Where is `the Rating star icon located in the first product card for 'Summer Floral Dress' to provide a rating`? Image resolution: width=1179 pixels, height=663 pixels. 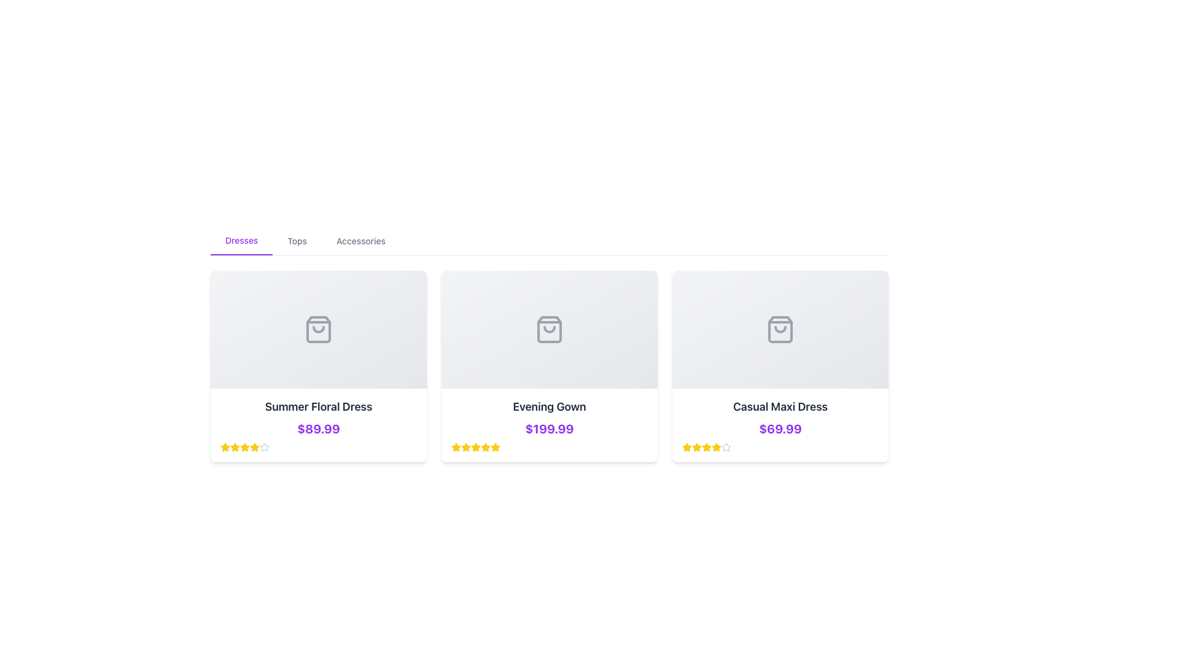
the Rating star icon located in the first product card for 'Summer Floral Dress' to provide a rating is located at coordinates (244, 447).